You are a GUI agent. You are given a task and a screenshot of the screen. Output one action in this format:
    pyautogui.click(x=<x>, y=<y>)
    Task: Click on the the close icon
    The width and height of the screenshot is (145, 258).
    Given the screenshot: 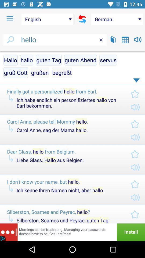 What is the action you would take?
    pyautogui.click(x=101, y=40)
    